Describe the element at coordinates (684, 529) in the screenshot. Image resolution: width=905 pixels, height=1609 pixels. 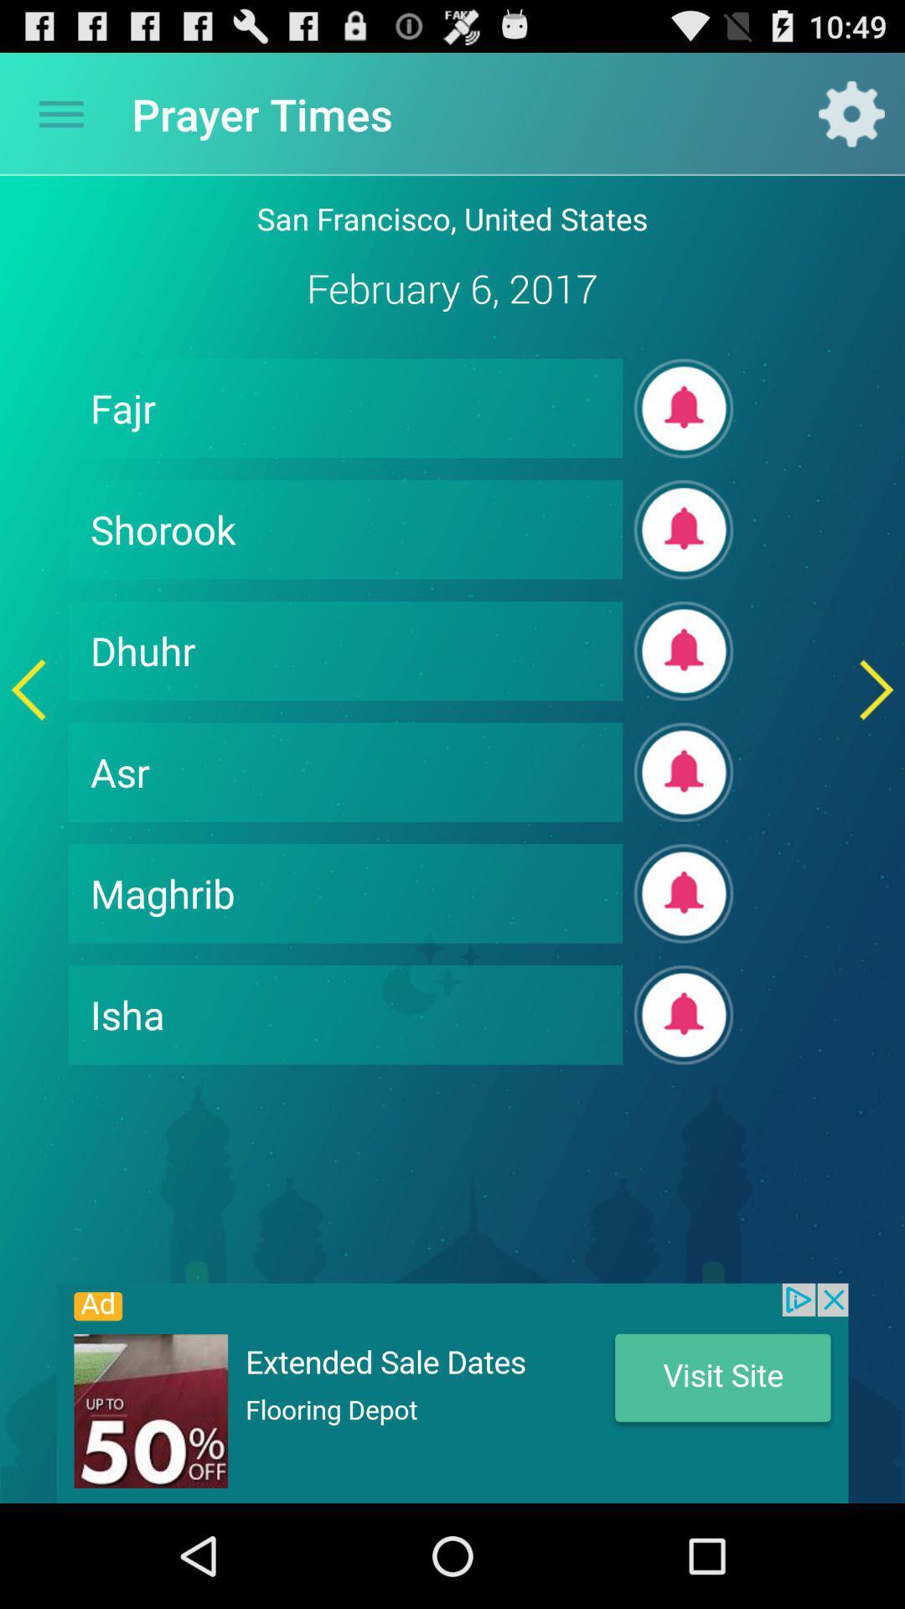
I see `the subscribe` at that location.